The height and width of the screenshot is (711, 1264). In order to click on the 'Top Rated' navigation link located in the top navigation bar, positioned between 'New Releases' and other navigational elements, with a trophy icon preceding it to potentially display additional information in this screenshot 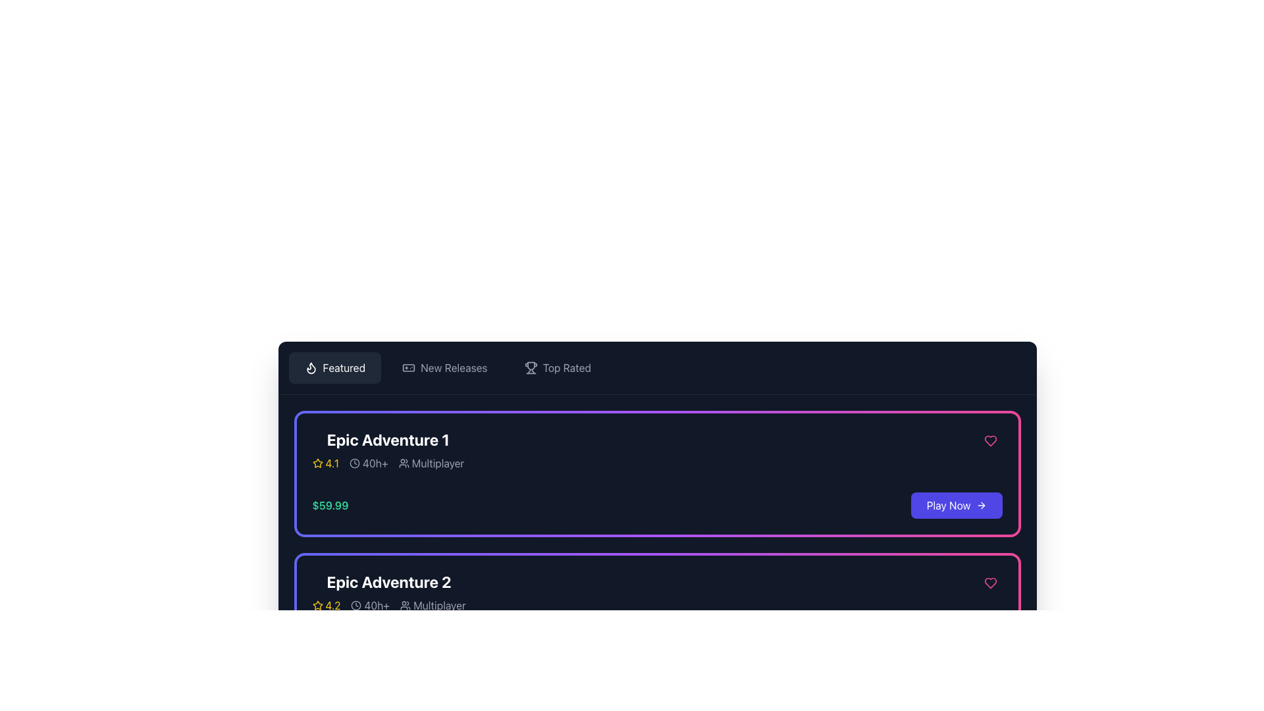, I will do `click(567, 368)`.